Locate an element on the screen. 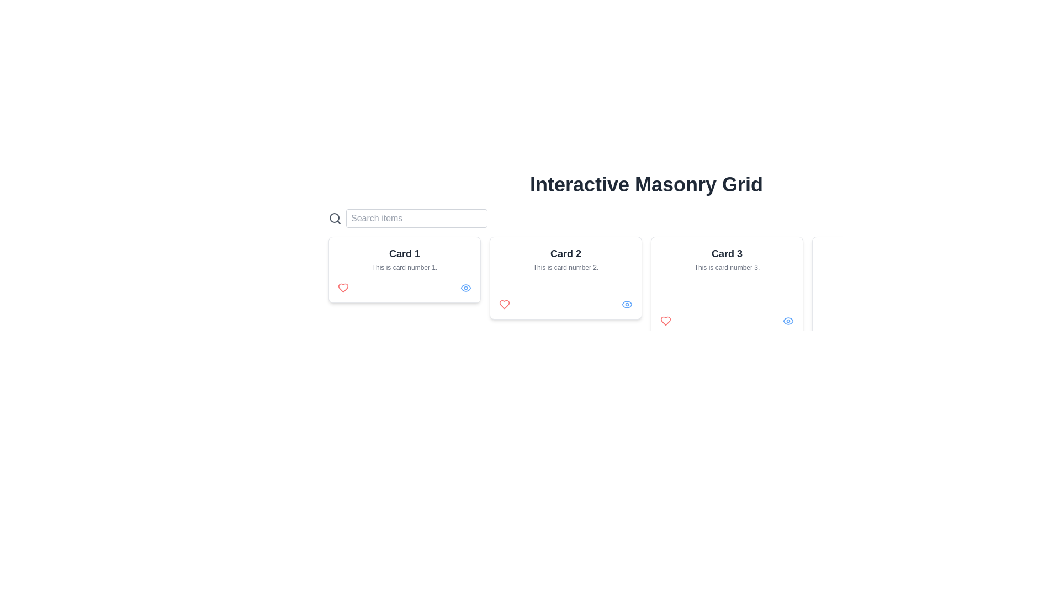  the third card is located at coordinates (727, 286).